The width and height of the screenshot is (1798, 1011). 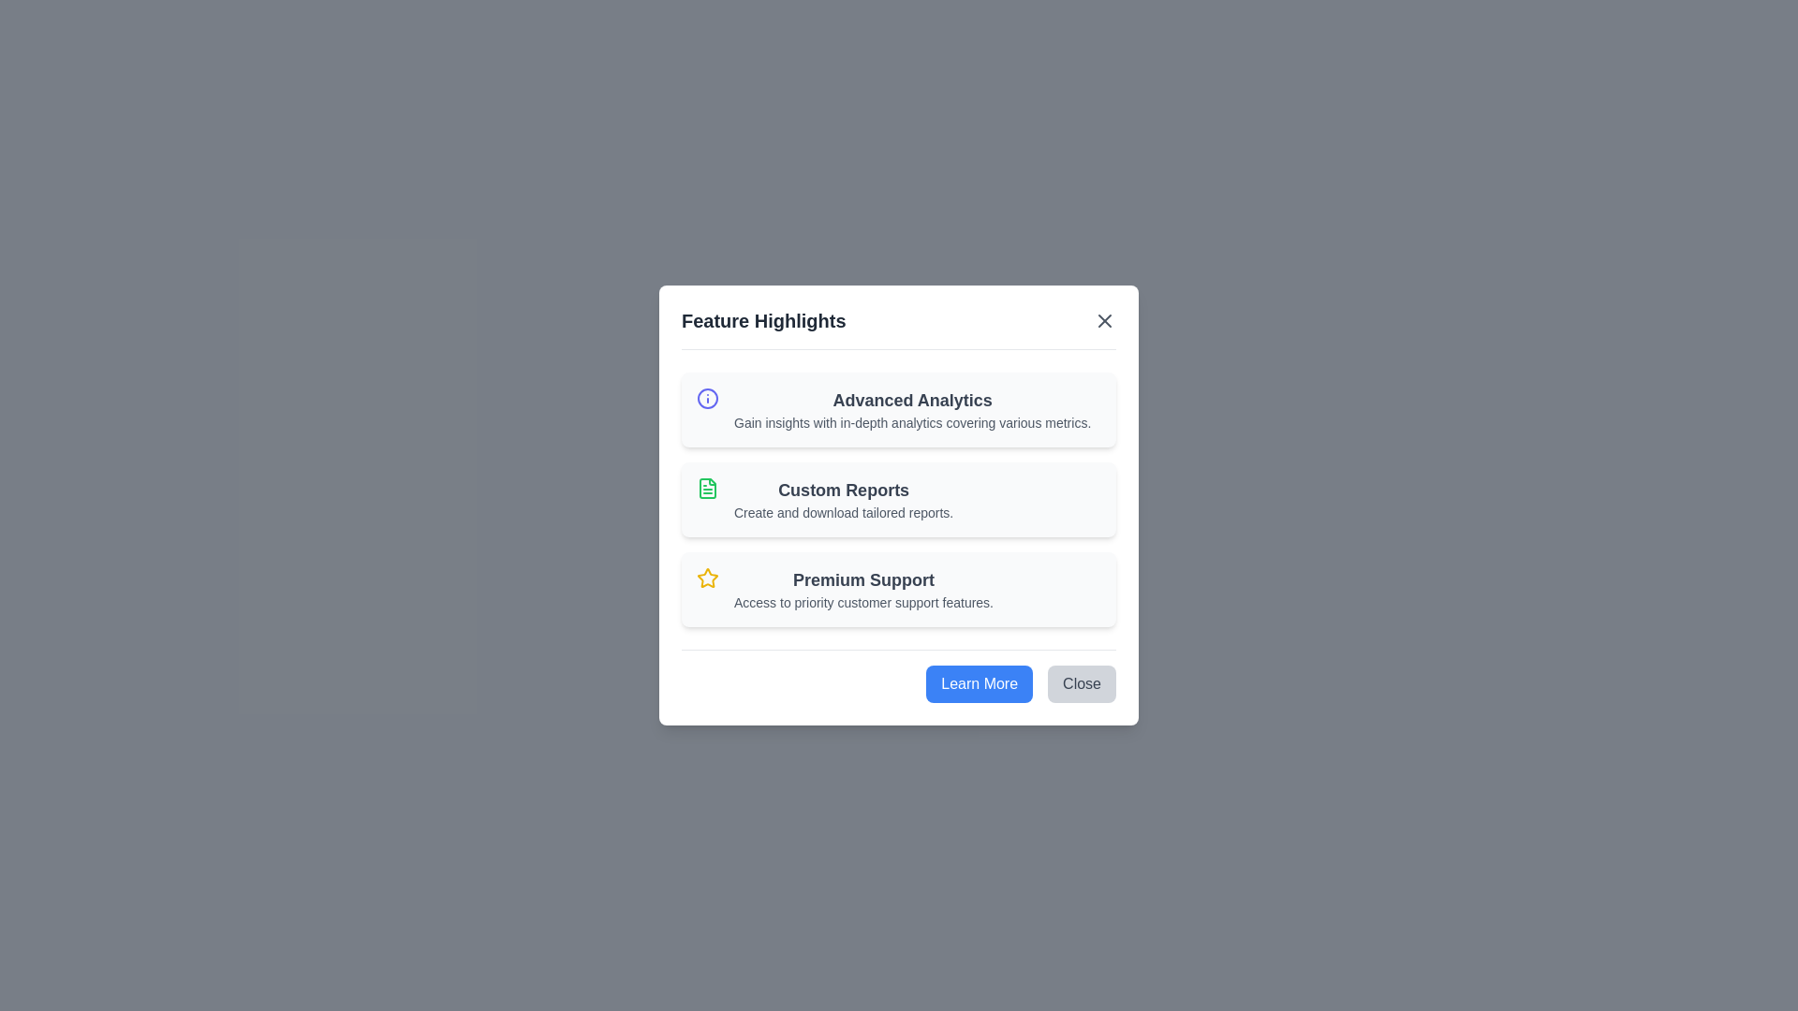 What do you see at coordinates (843, 498) in the screenshot?
I see `the 'Custom Reports' feature card, which is the second card in a vertical list within a pop-up, located between 'Advanced Analytics' above and 'Premium Support' below` at bounding box center [843, 498].